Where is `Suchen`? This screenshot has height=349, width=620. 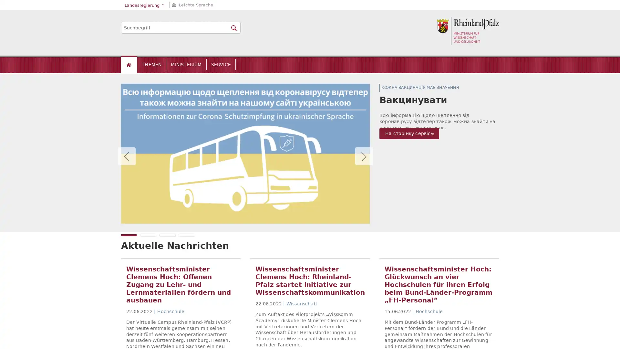
Suchen is located at coordinates (233, 28).